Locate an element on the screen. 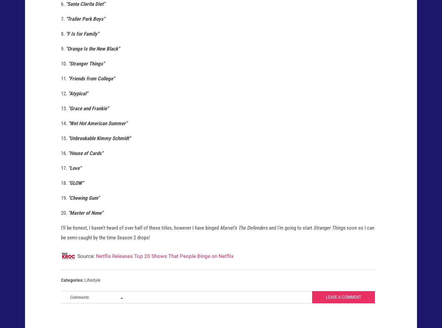 The width and height of the screenshot is (442, 328). 'Leave A Comment' is located at coordinates (343, 302).